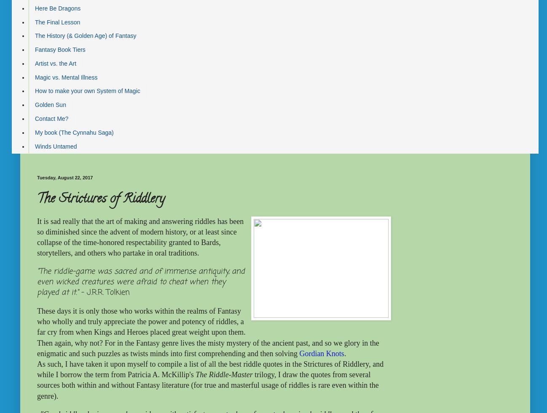 The height and width of the screenshot is (413, 547). Describe the element at coordinates (51, 118) in the screenshot. I see `'Contact Me?'` at that location.